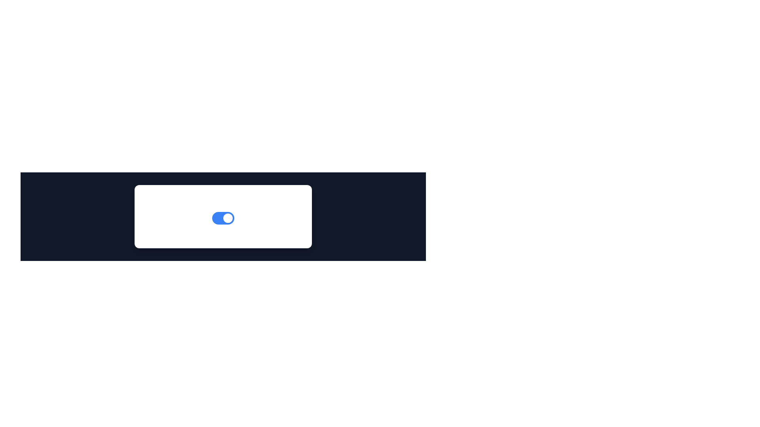 The height and width of the screenshot is (427, 760). What do you see at coordinates (232, 218) in the screenshot?
I see `the toggle switch position` at bounding box center [232, 218].